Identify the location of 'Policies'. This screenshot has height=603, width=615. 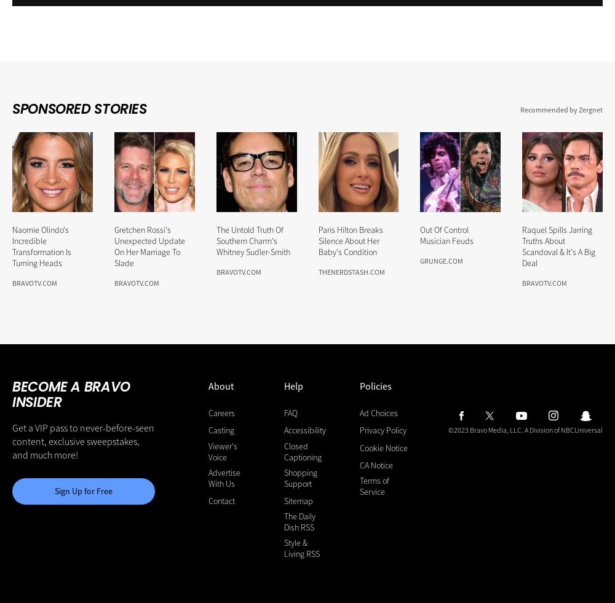
(375, 386).